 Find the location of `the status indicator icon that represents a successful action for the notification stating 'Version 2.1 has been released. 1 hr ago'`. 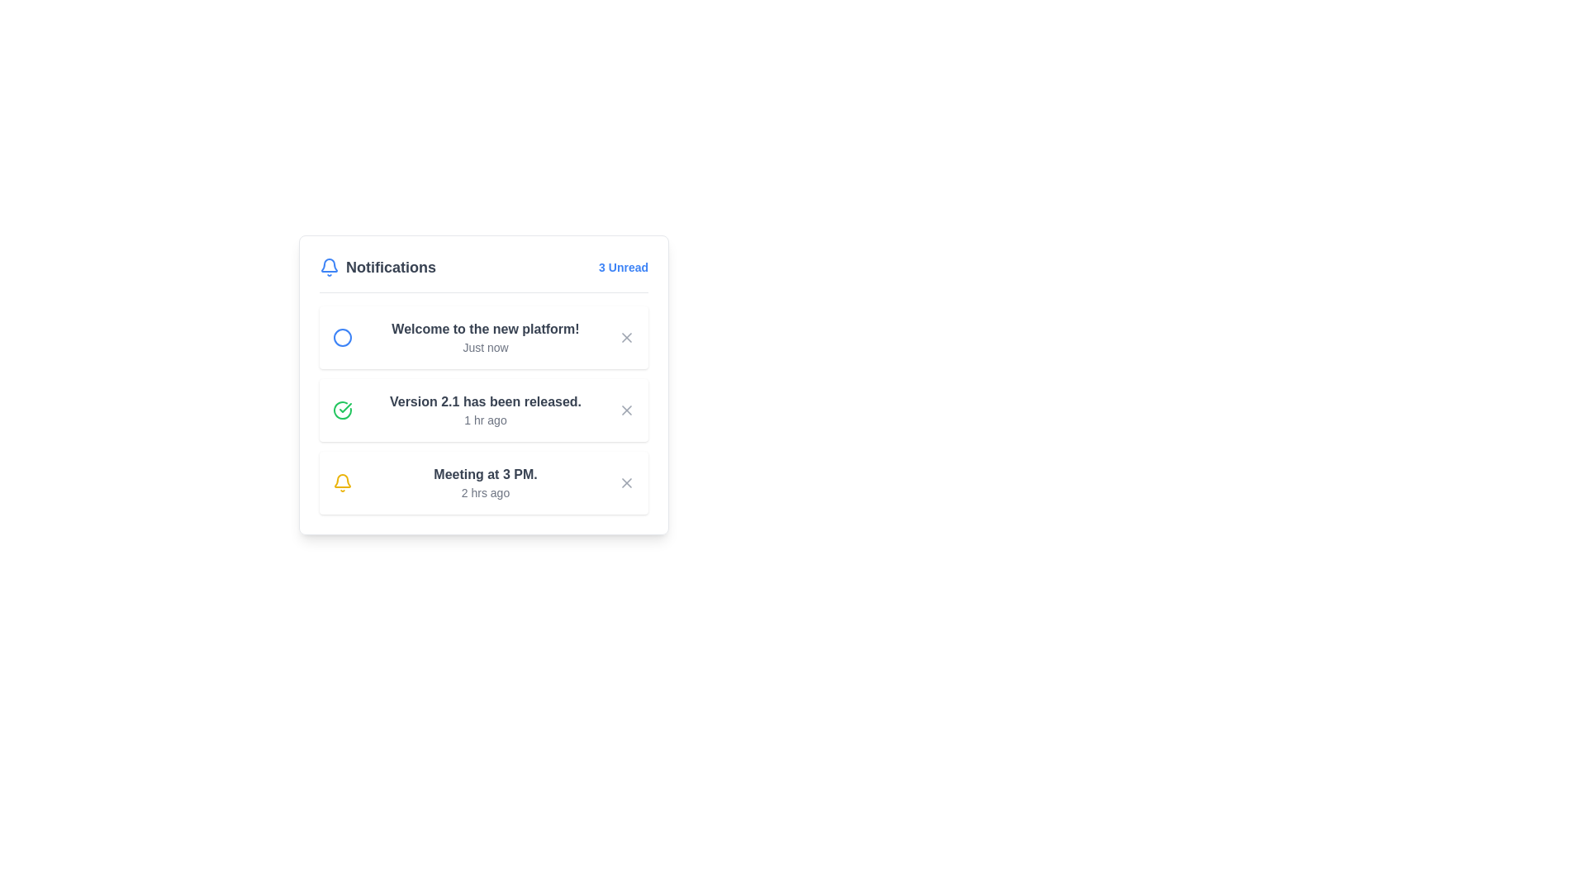

the status indicator icon that represents a successful action for the notification stating 'Version 2.1 has been released. 1 hr ago' is located at coordinates (341, 410).